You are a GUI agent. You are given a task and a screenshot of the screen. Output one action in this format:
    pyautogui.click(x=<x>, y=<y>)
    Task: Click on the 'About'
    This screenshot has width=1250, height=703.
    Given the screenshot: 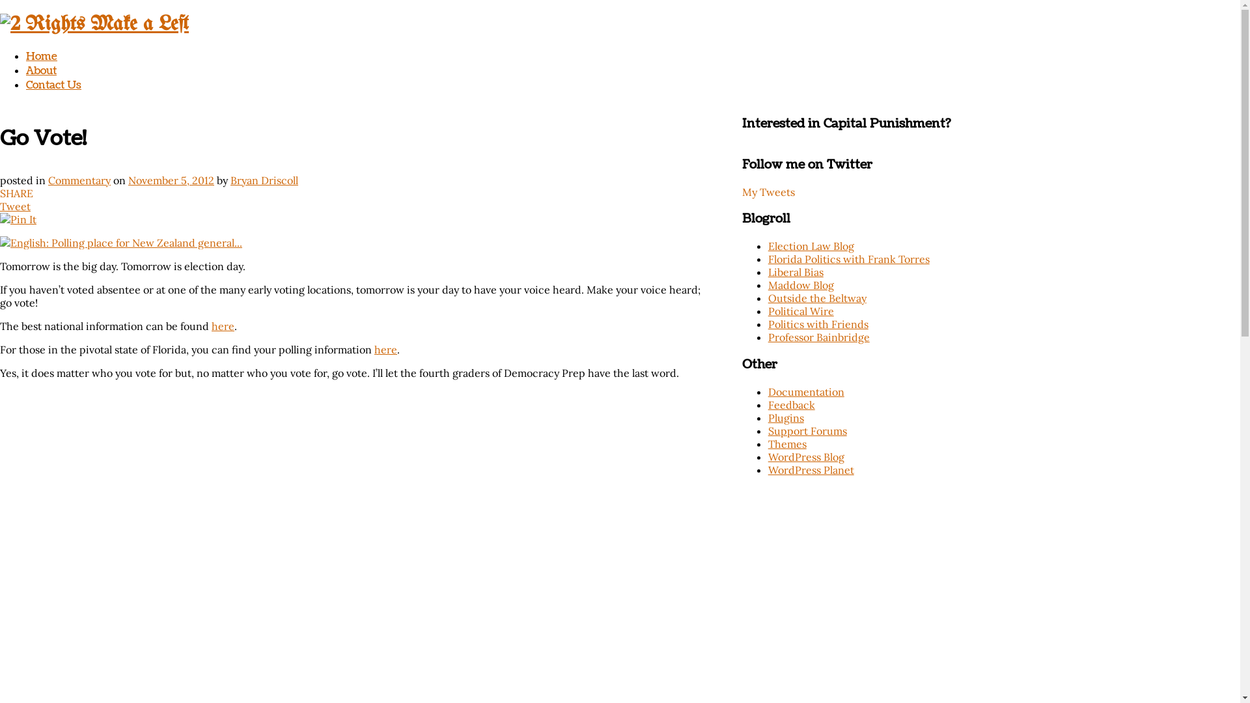 What is the action you would take?
    pyautogui.click(x=41, y=70)
    